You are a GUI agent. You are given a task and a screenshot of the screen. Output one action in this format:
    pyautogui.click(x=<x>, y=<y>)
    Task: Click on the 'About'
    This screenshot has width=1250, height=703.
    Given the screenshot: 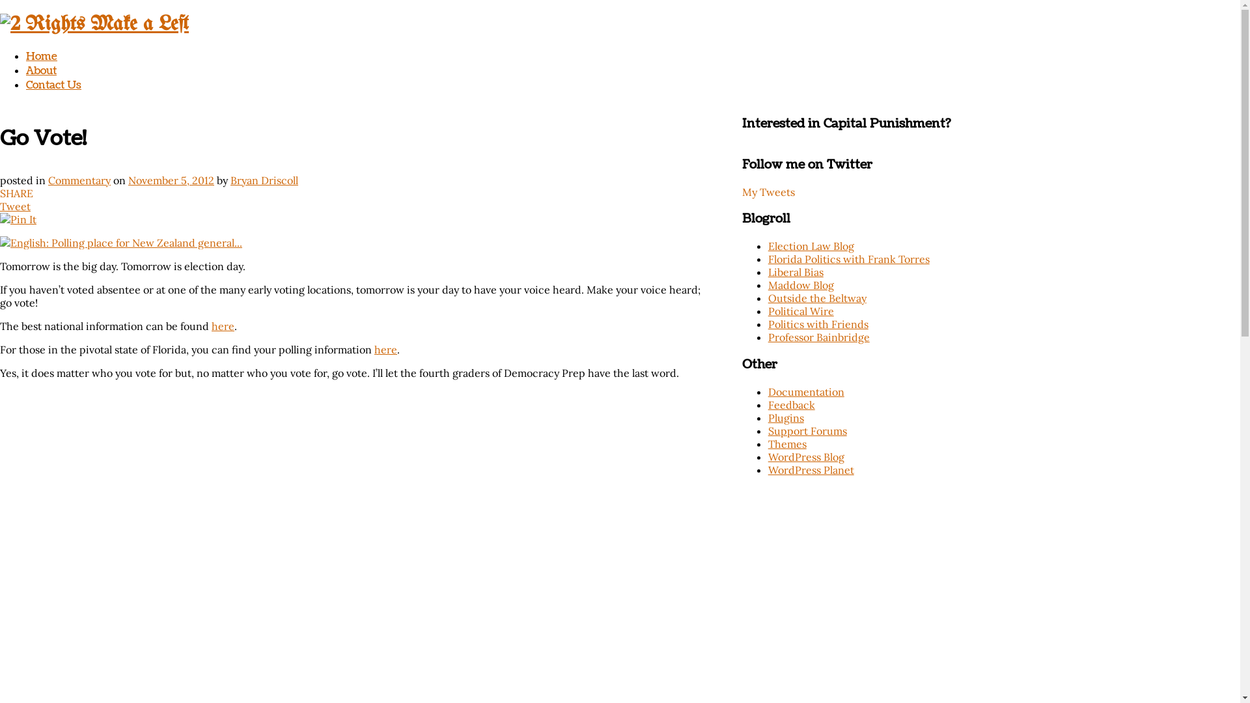 What is the action you would take?
    pyautogui.click(x=41, y=70)
    